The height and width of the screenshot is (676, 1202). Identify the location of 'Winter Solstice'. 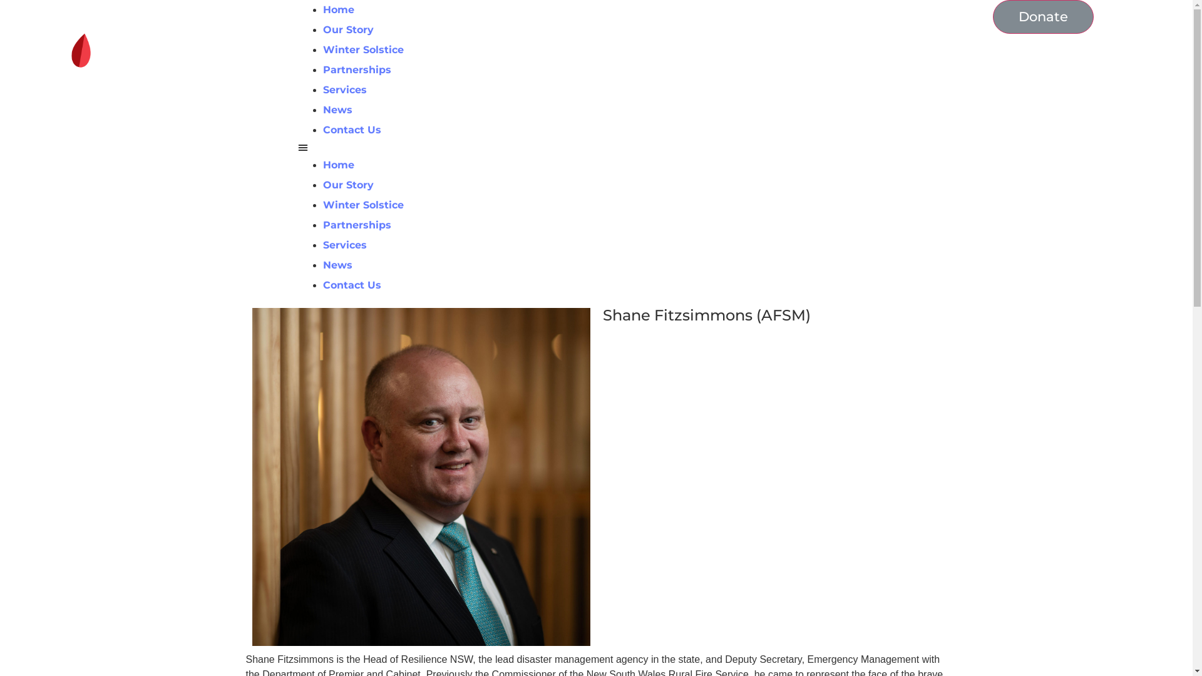
(322, 49).